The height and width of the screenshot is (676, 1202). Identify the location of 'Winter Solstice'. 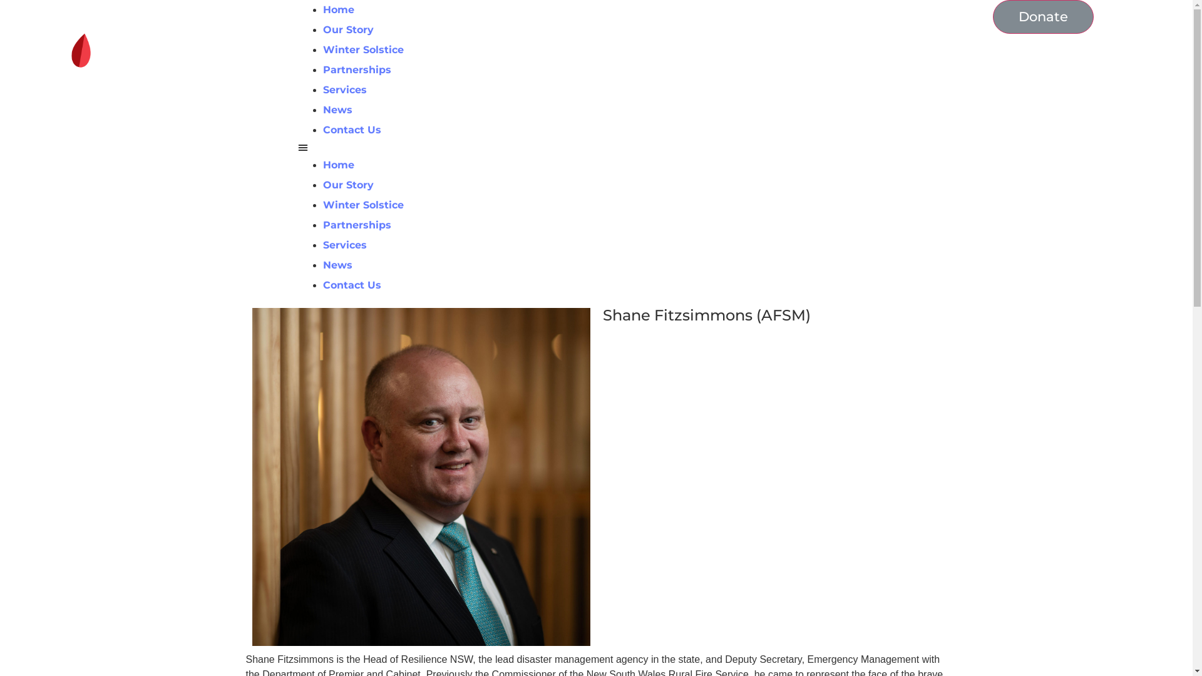
(322, 49).